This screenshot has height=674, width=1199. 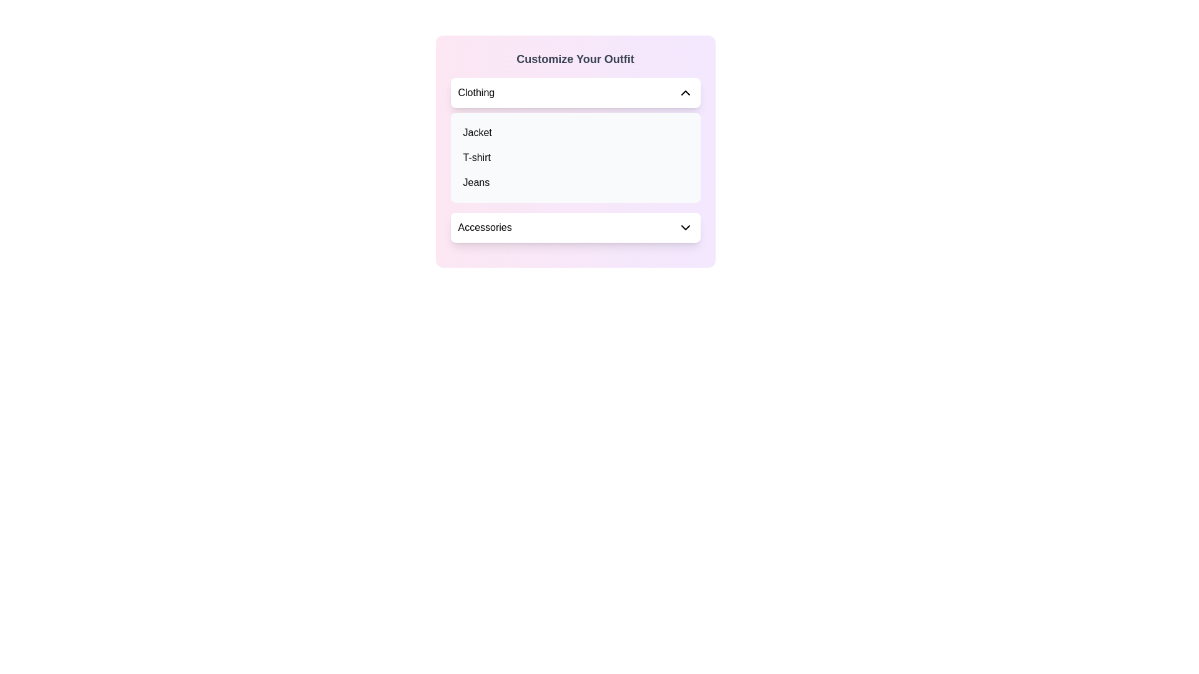 What do you see at coordinates (575, 157) in the screenshot?
I see `on the 'T-shirt' option in the 'Customize Your Outfit' selection menu, which is the second item in the list between 'Jacket' and 'Jeans'` at bounding box center [575, 157].